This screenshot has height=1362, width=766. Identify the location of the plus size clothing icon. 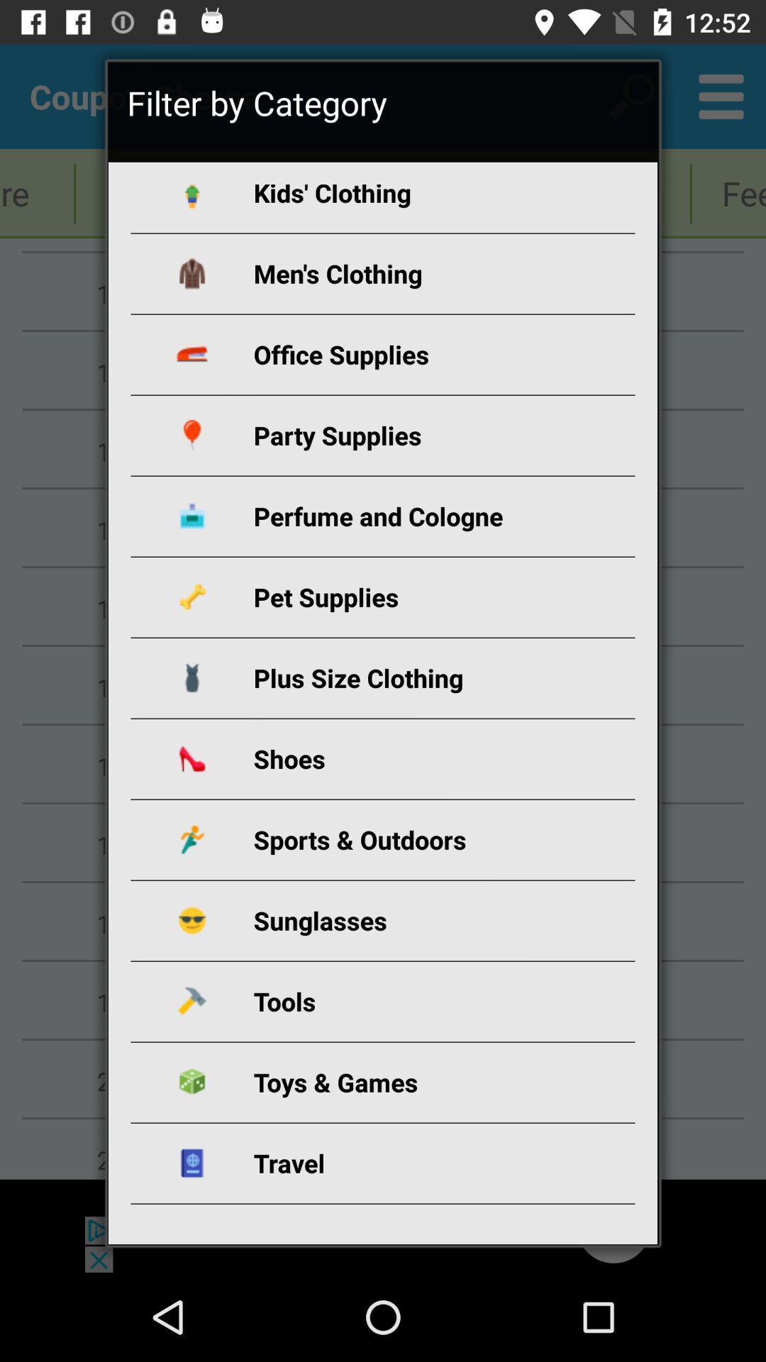
(399, 677).